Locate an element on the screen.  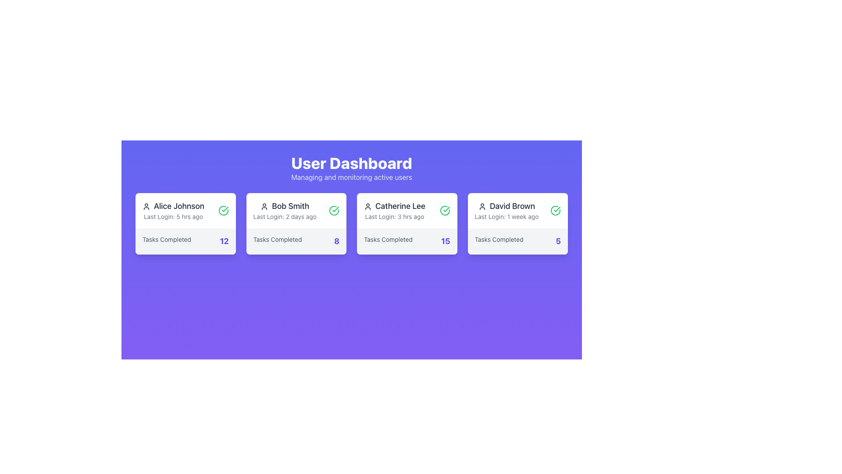
displayed information from the Text Label showing the number '15' in bold indigo font, located in the bottom-right section of the card labeled 'Tasks Completed' for 'Catherine Lee' is located at coordinates (446, 241).